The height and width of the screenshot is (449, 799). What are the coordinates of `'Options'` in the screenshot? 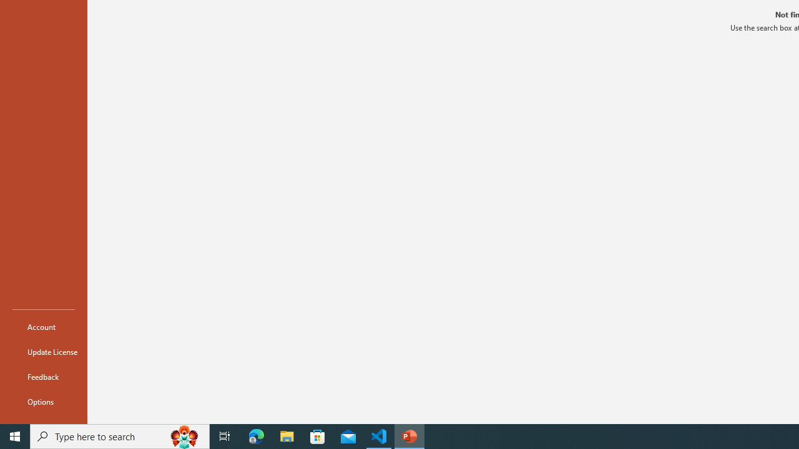 It's located at (43, 402).